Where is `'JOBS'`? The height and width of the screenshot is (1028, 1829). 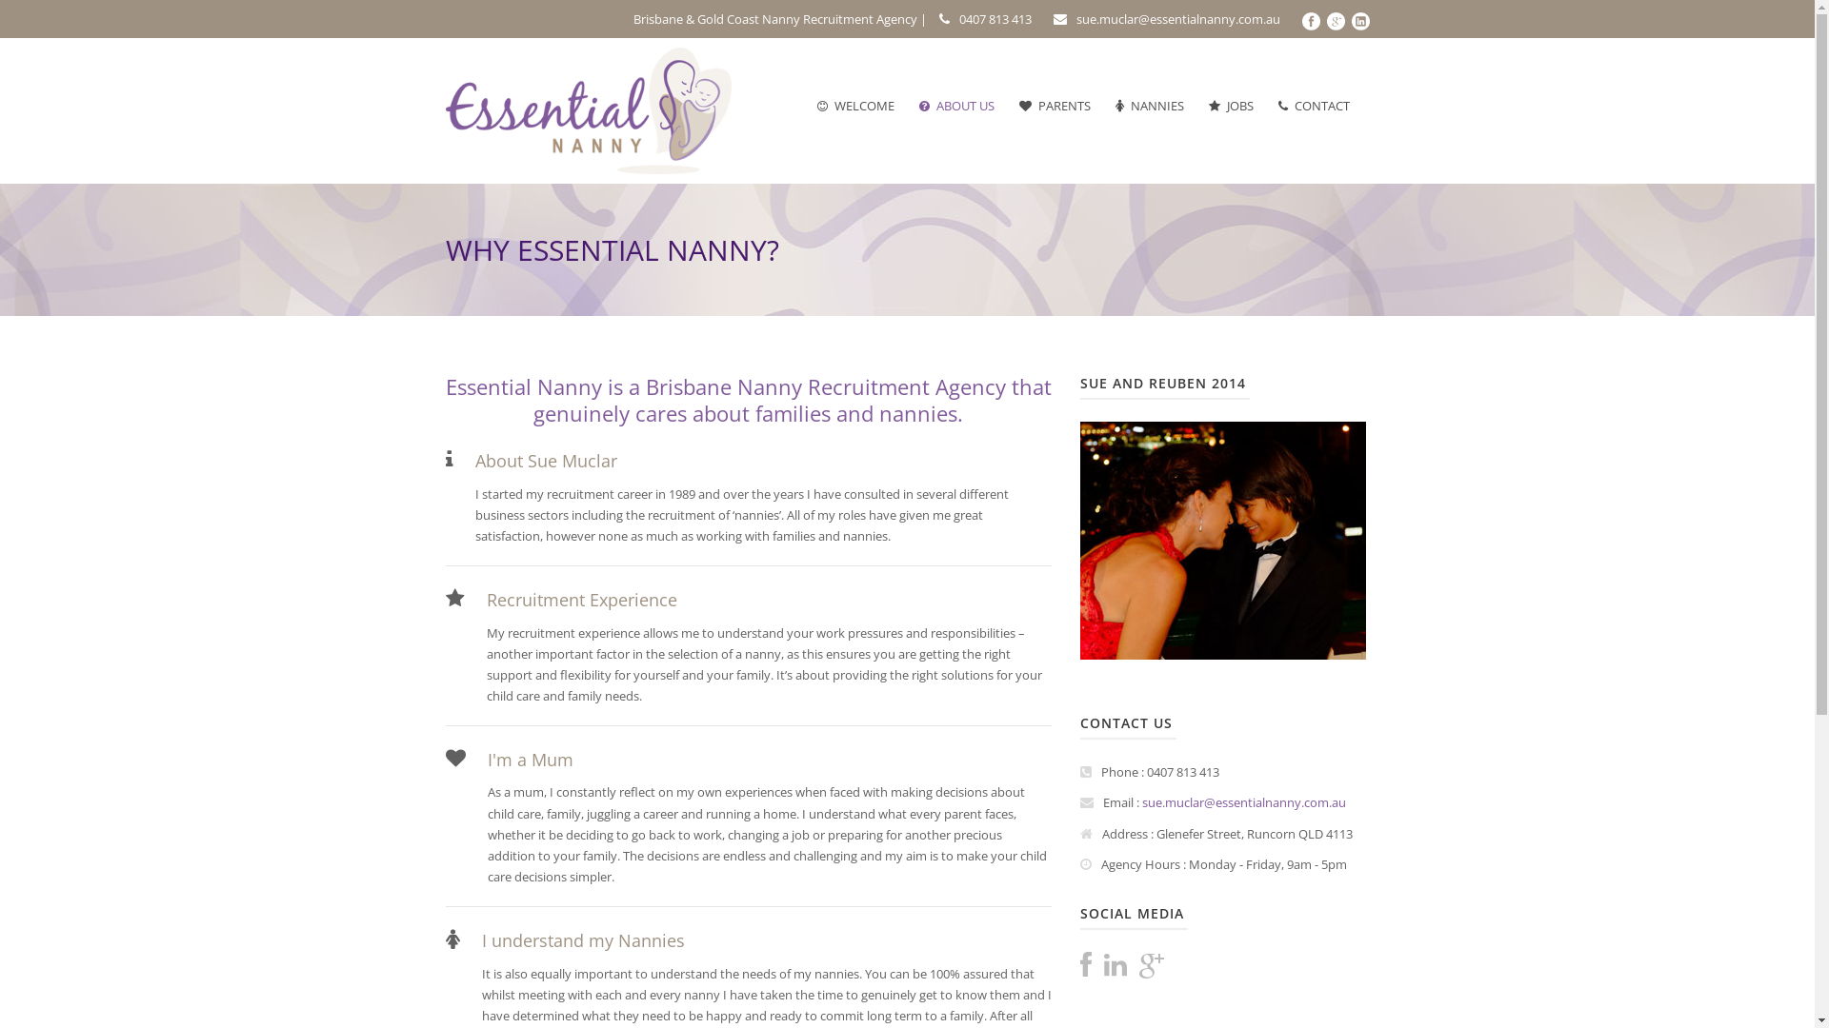
'JOBS' is located at coordinates (1231, 106).